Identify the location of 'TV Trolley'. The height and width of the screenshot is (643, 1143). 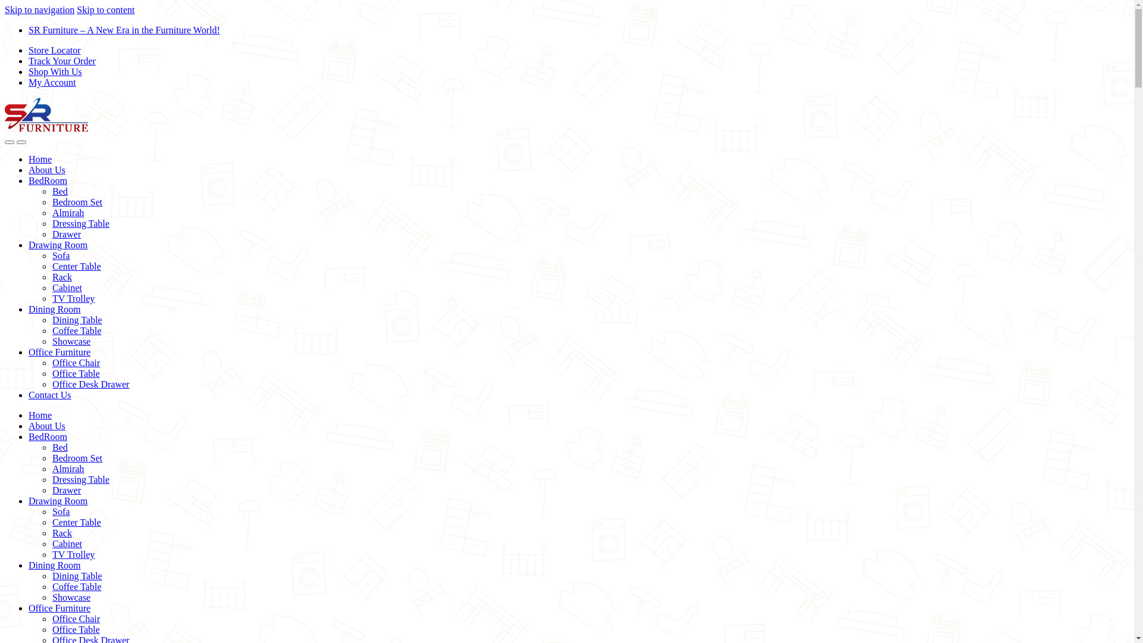
(51, 554).